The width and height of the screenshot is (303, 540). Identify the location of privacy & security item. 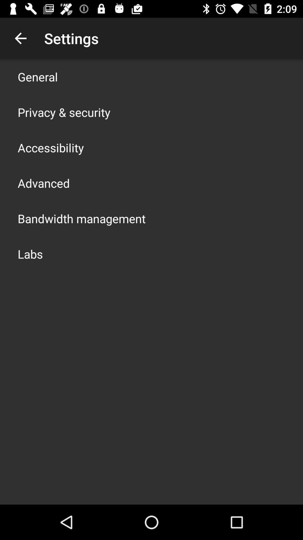
(64, 112).